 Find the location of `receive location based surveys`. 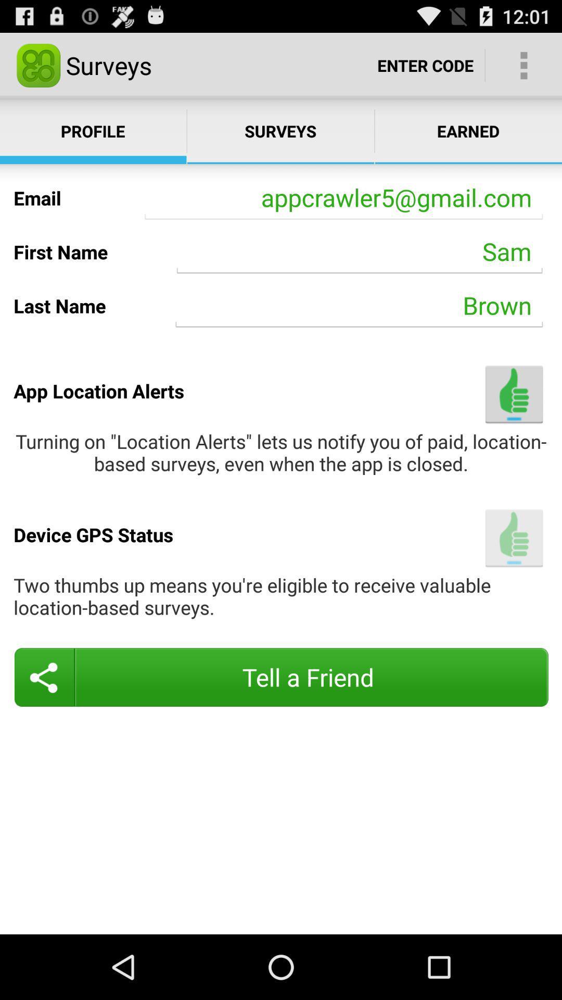

receive location based surveys is located at coordinates (514, 538).